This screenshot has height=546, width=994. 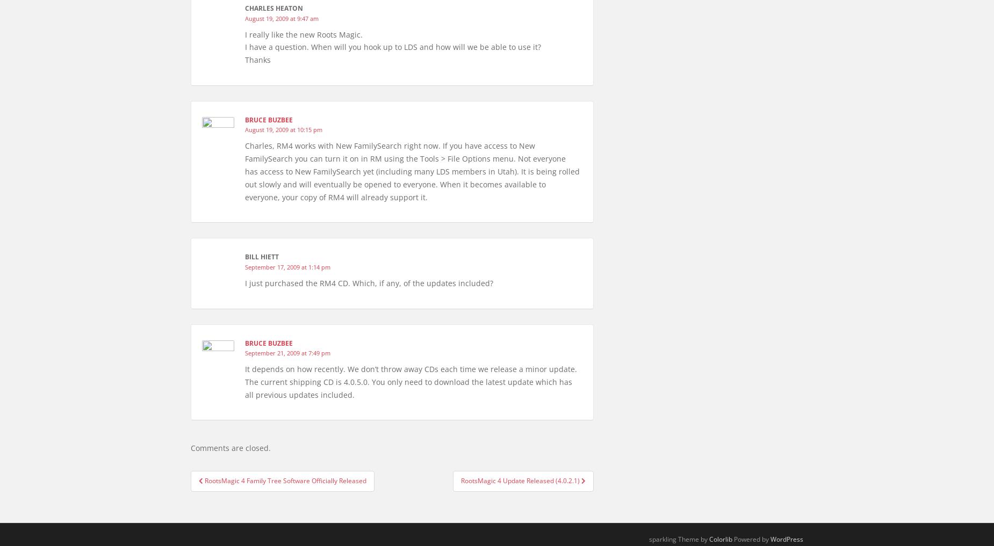 I want to click on 'It depends on how recently.  We don’t throw away CDs each time we release a minor update.  The current shipping CD is 4.0.5.0.  You only need to download the latest update which has all previous updates included.', so click(x=410, y=381).